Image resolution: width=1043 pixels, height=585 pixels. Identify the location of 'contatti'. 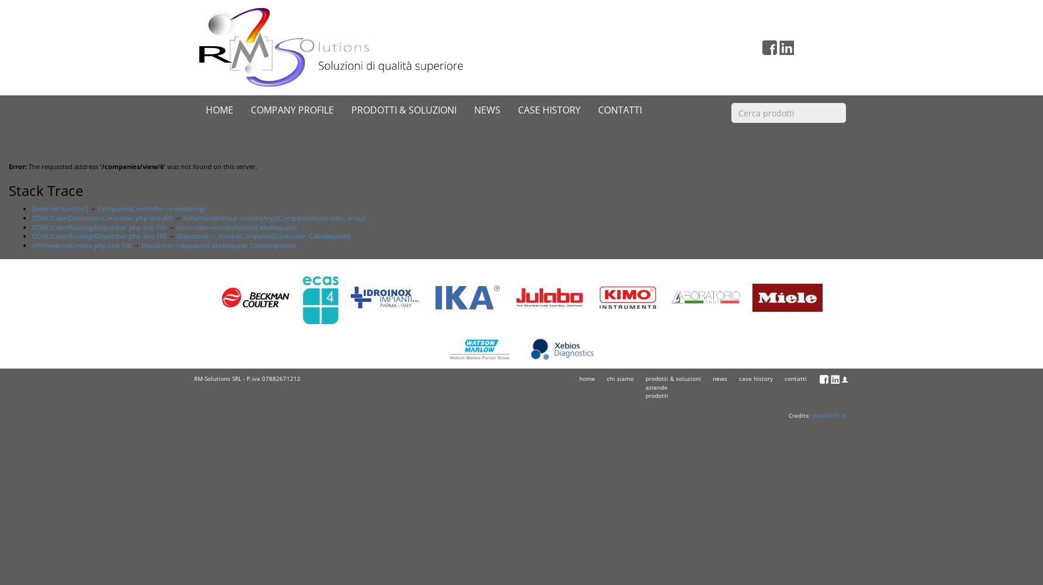
(796, 378).